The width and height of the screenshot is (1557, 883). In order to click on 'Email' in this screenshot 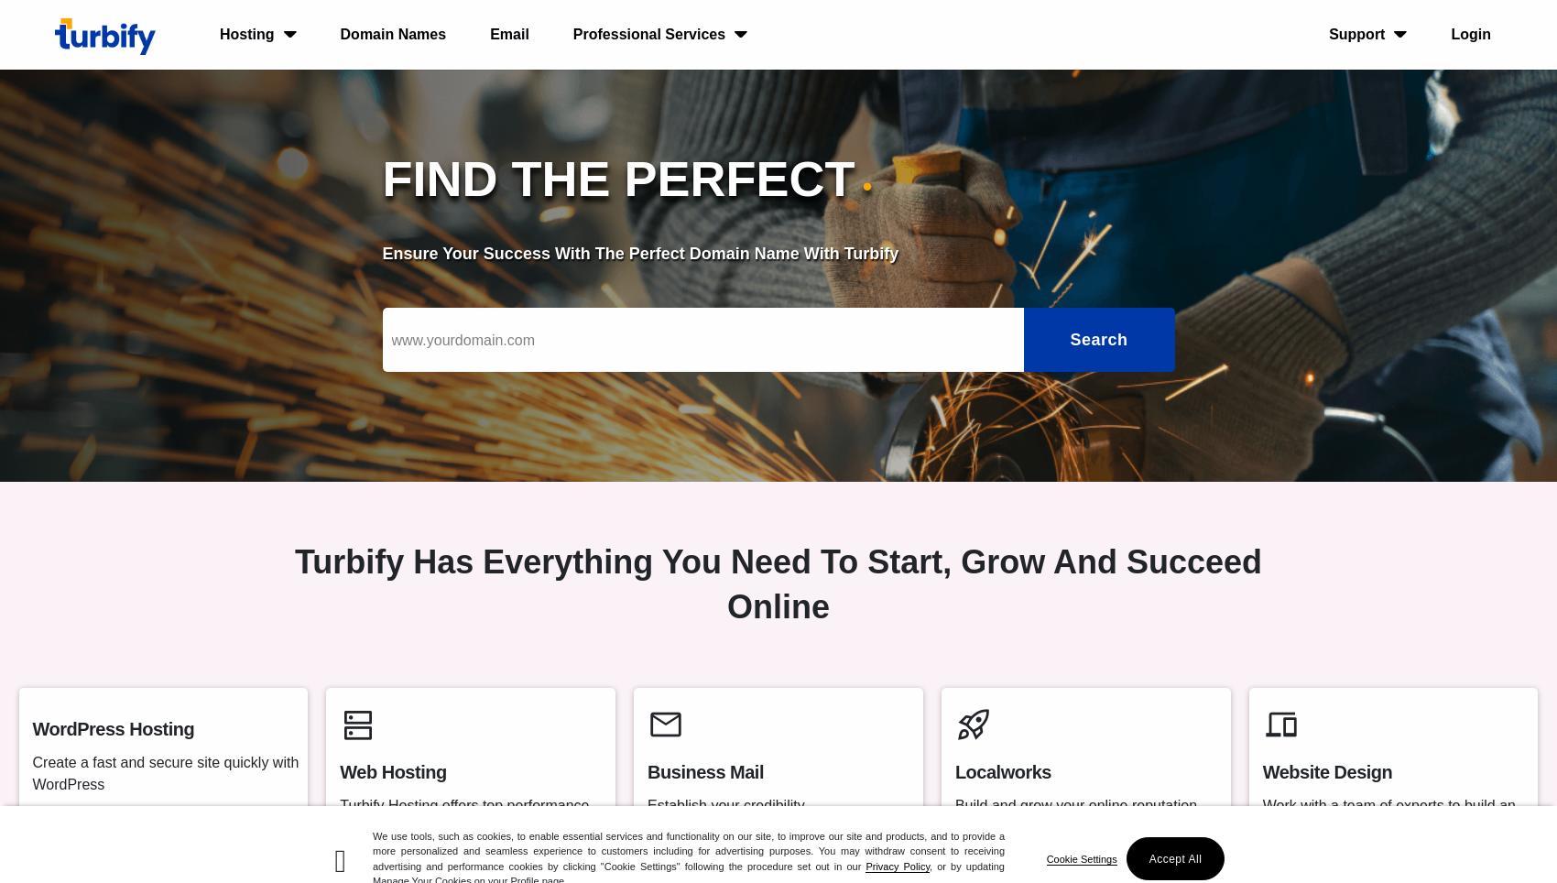, I will do `click(508, 33)`.